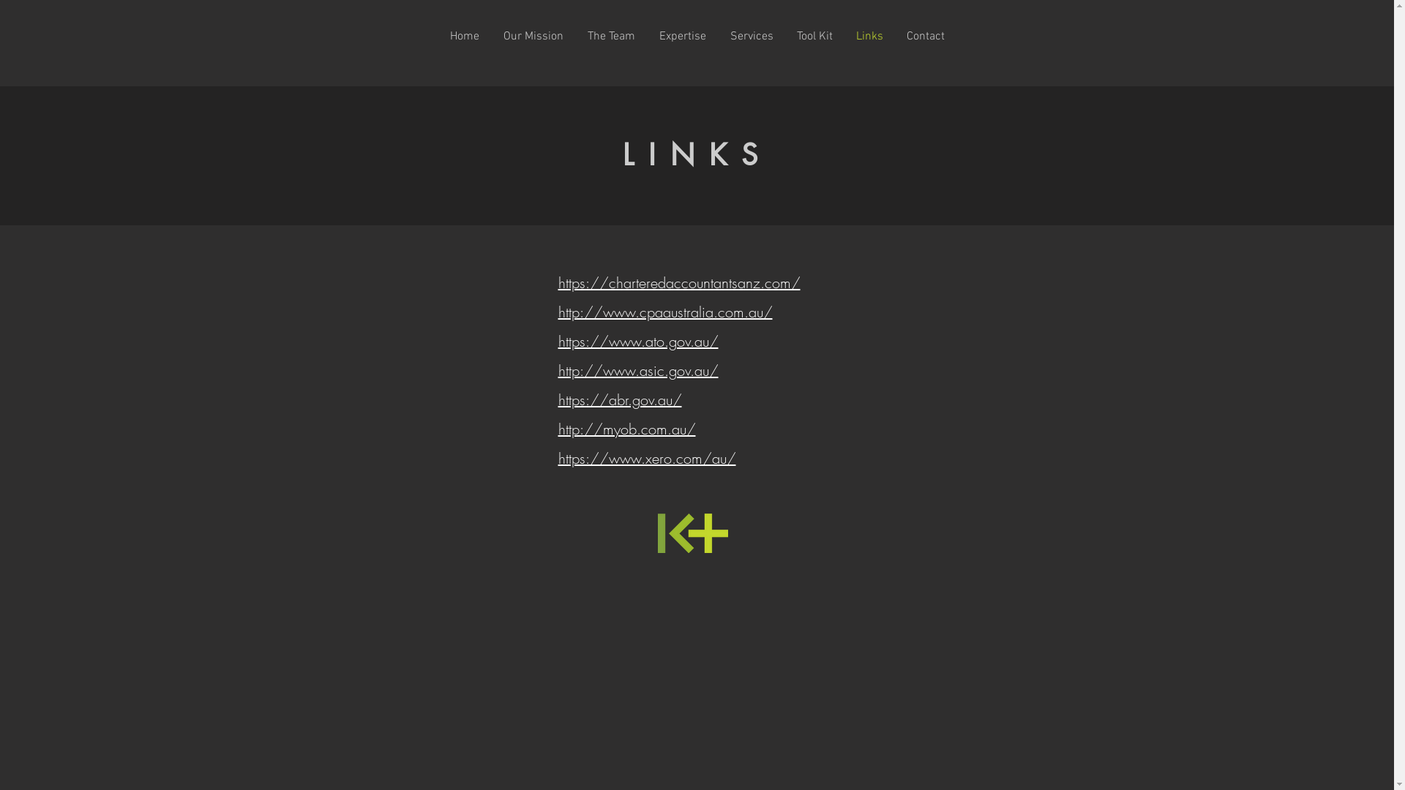  What do you see at coordinates (645, 457) in the screenshot?
I see `'https://www.xero.com/au/'` at bounding box center [645, 457].